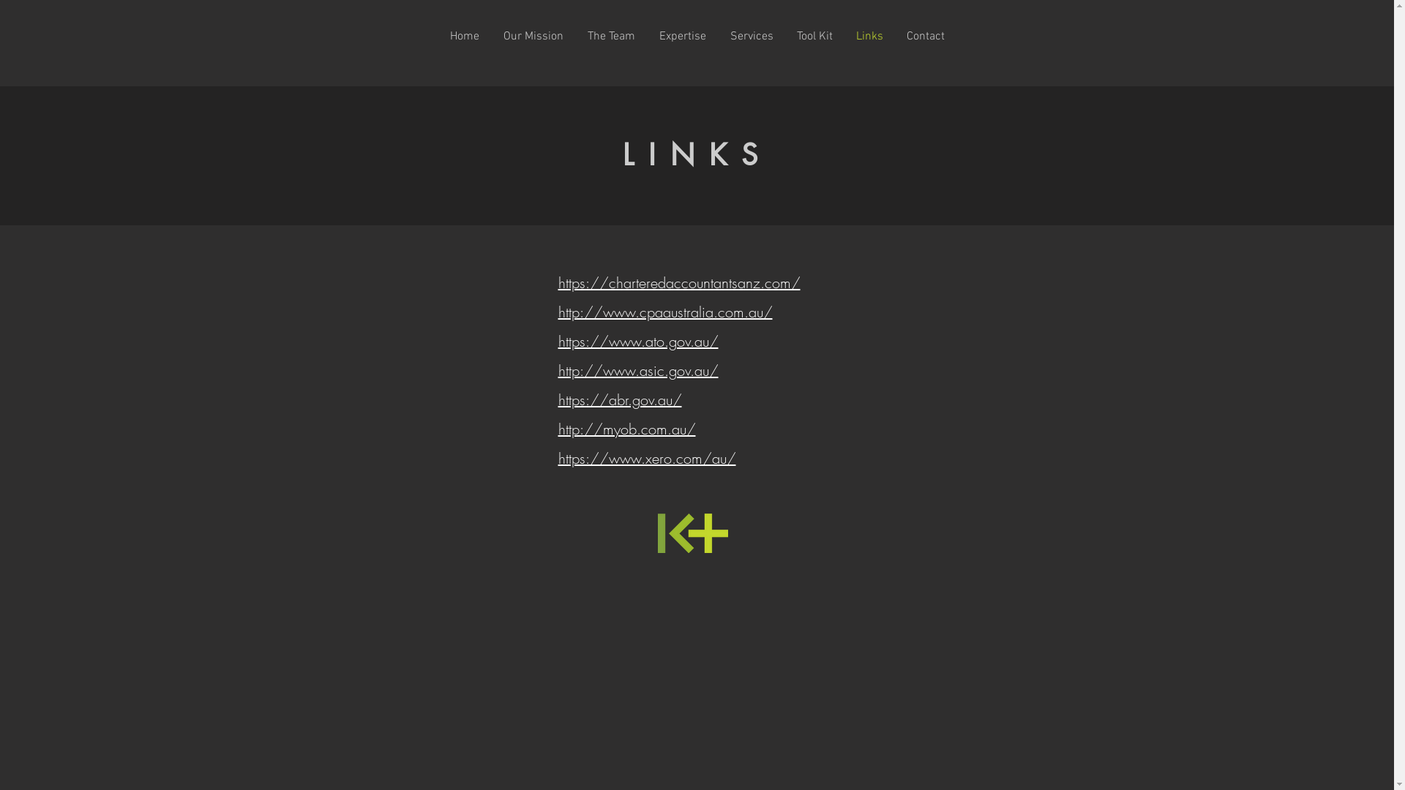  What do you see at coordinates (645, 457) in the screenshot?
I see `'https://www.xero.com/au/'` at bounding box center [645, 457].